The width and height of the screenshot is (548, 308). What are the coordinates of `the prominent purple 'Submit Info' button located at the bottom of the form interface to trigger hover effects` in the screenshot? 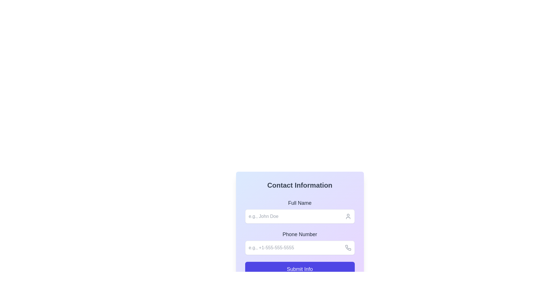 It's located at (299, 269).